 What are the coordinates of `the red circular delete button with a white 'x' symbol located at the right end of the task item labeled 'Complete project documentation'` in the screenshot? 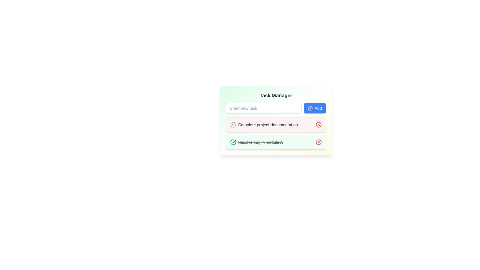 It's located at (318, 124).